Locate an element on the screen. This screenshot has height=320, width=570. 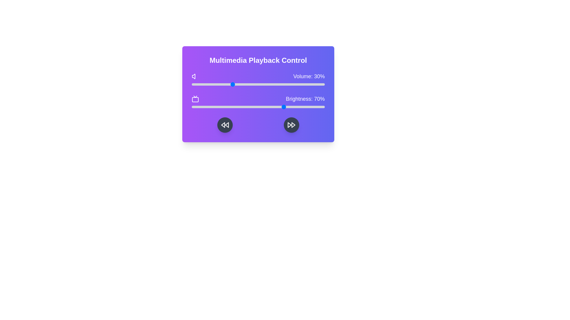
the volume slider to 1% is located at coordinates (193, 84).